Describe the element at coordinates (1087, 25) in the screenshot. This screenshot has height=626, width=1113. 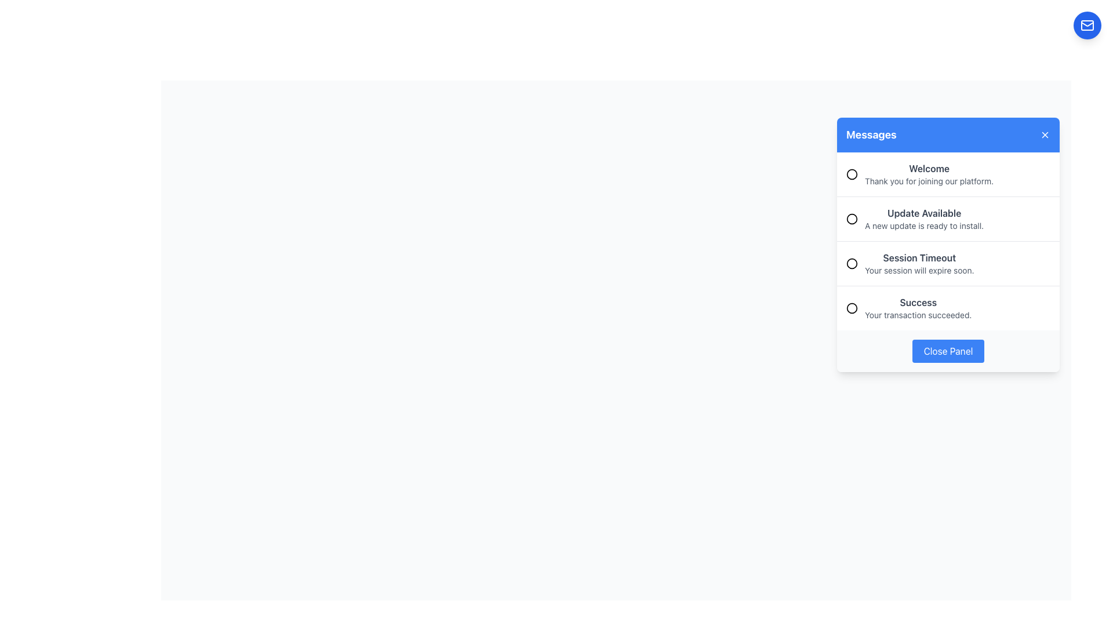
I see `the quick-access button located at the top-right corner of the interface` at that location.